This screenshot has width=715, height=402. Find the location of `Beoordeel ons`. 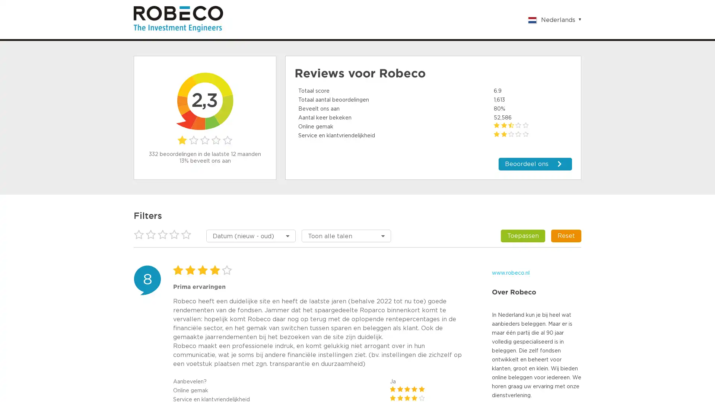

Beoordeel ons is located at coordinates (534, 163).